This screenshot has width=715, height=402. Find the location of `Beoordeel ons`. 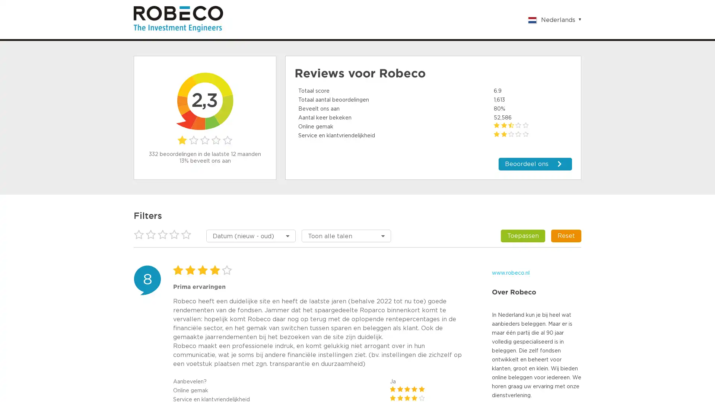

Beoordeel ons is located at coordinates (534, 163).